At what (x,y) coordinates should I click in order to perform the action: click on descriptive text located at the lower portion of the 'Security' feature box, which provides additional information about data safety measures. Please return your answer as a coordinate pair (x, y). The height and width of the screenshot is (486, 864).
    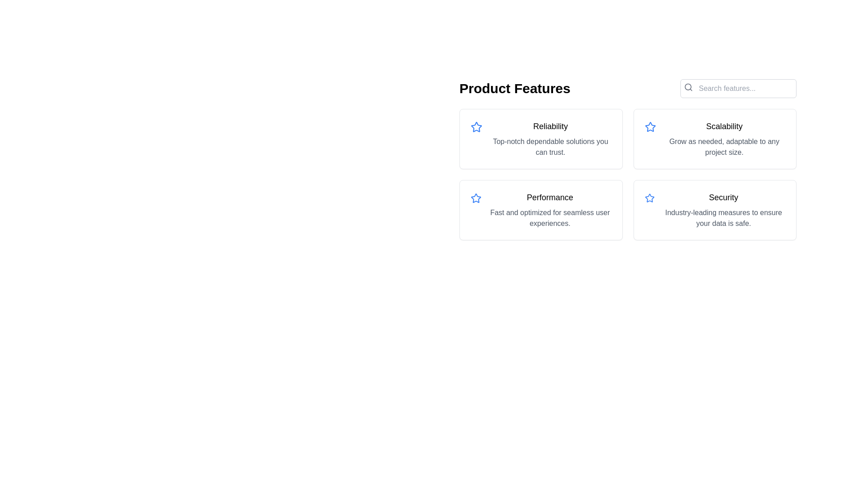
    Looking at the image, I should click on (724, 218).